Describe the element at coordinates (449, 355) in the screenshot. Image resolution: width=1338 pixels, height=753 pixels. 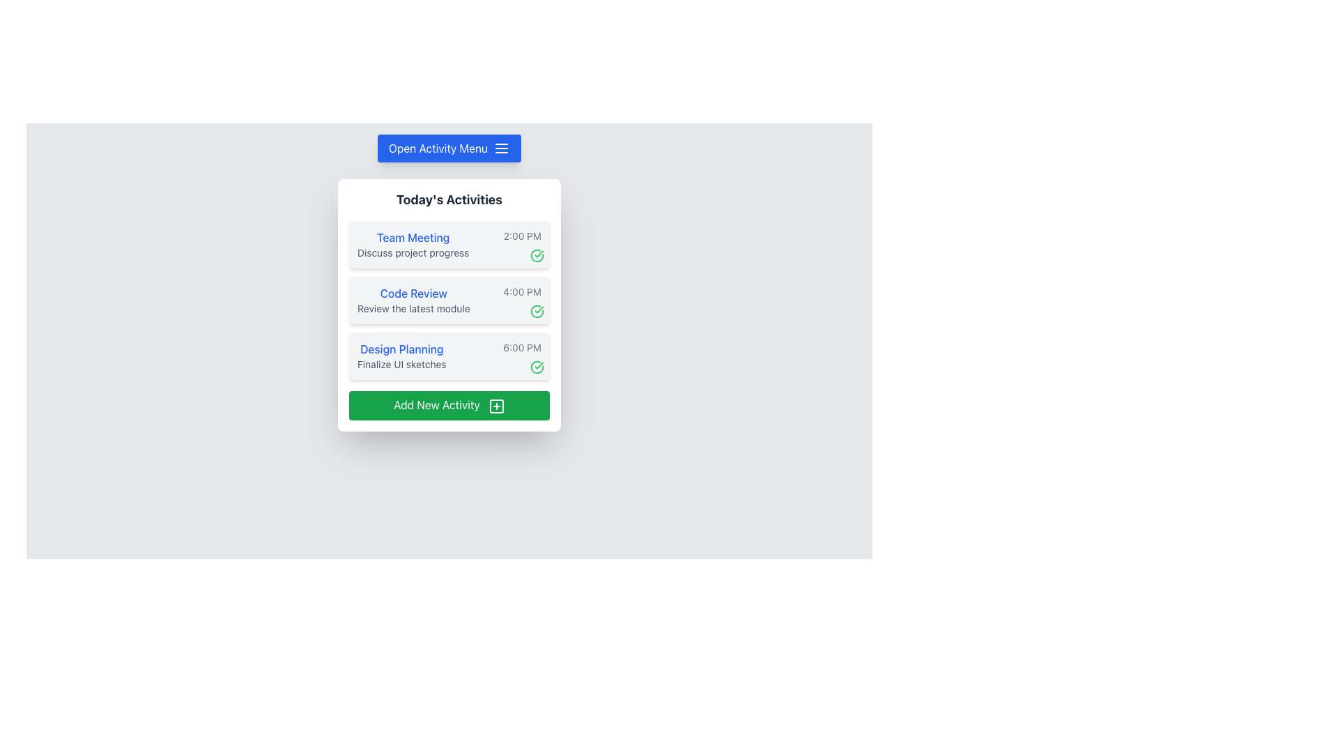
I see `information displayed in the List item titled 'Design Planning' located in the 'Today's Activities' panel, specifically the title, subtitle, and time indicator` at that location.